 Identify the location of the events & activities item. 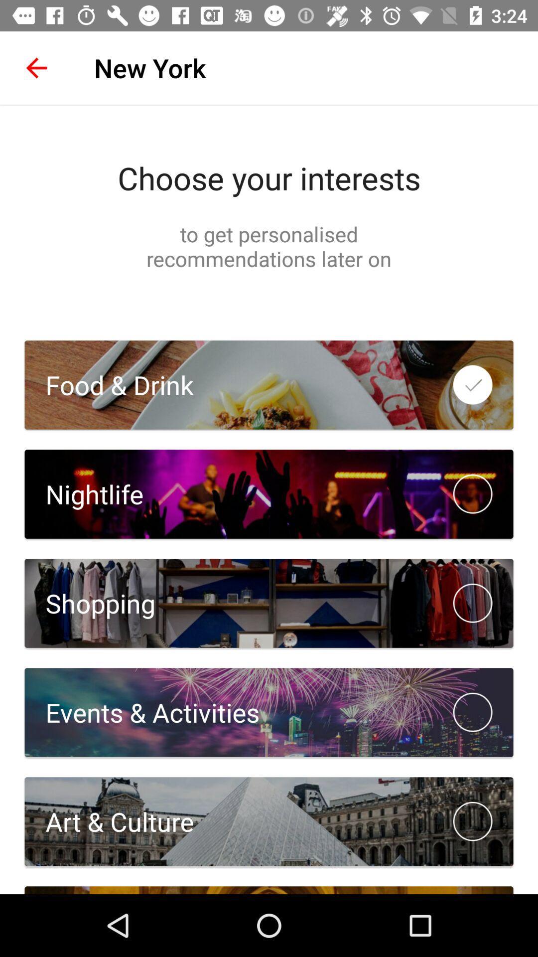
(142, 712).